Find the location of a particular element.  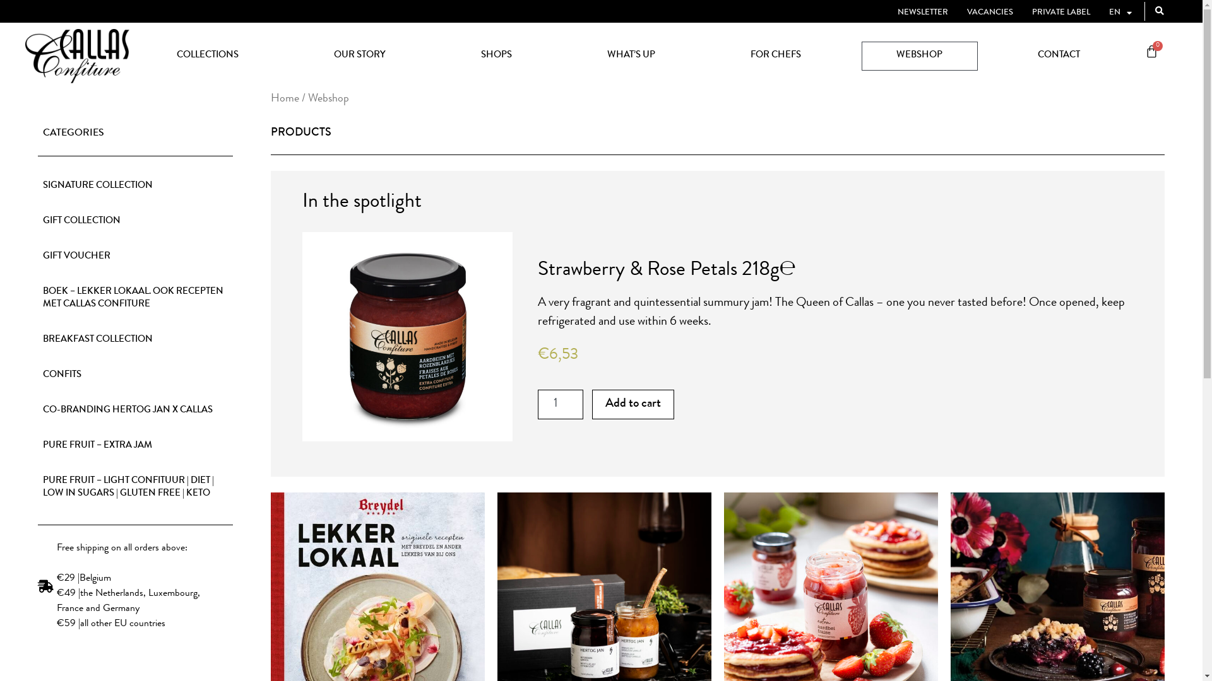

'PRIVATE LABEL' is located at coordinates (1060, 13).